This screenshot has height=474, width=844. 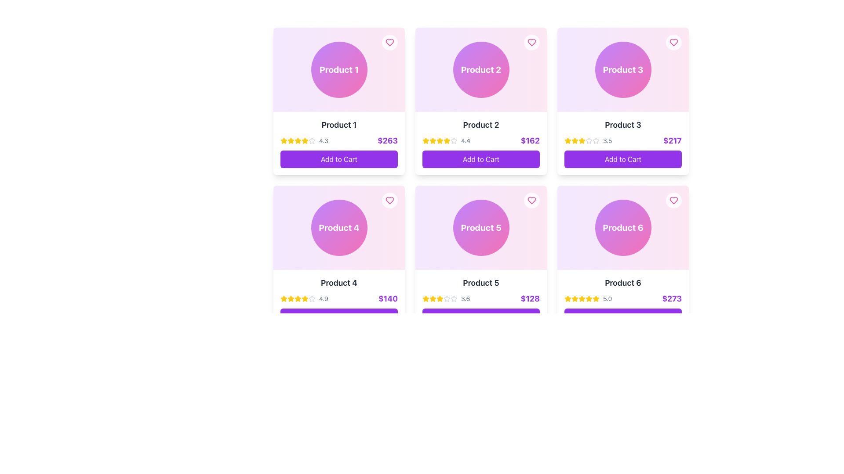 I want to click on the yellow star icon with a filled core located in the bottom-right corner of the card for 'Product 6', which is above the numerical rating, so click(x=595, y=298).